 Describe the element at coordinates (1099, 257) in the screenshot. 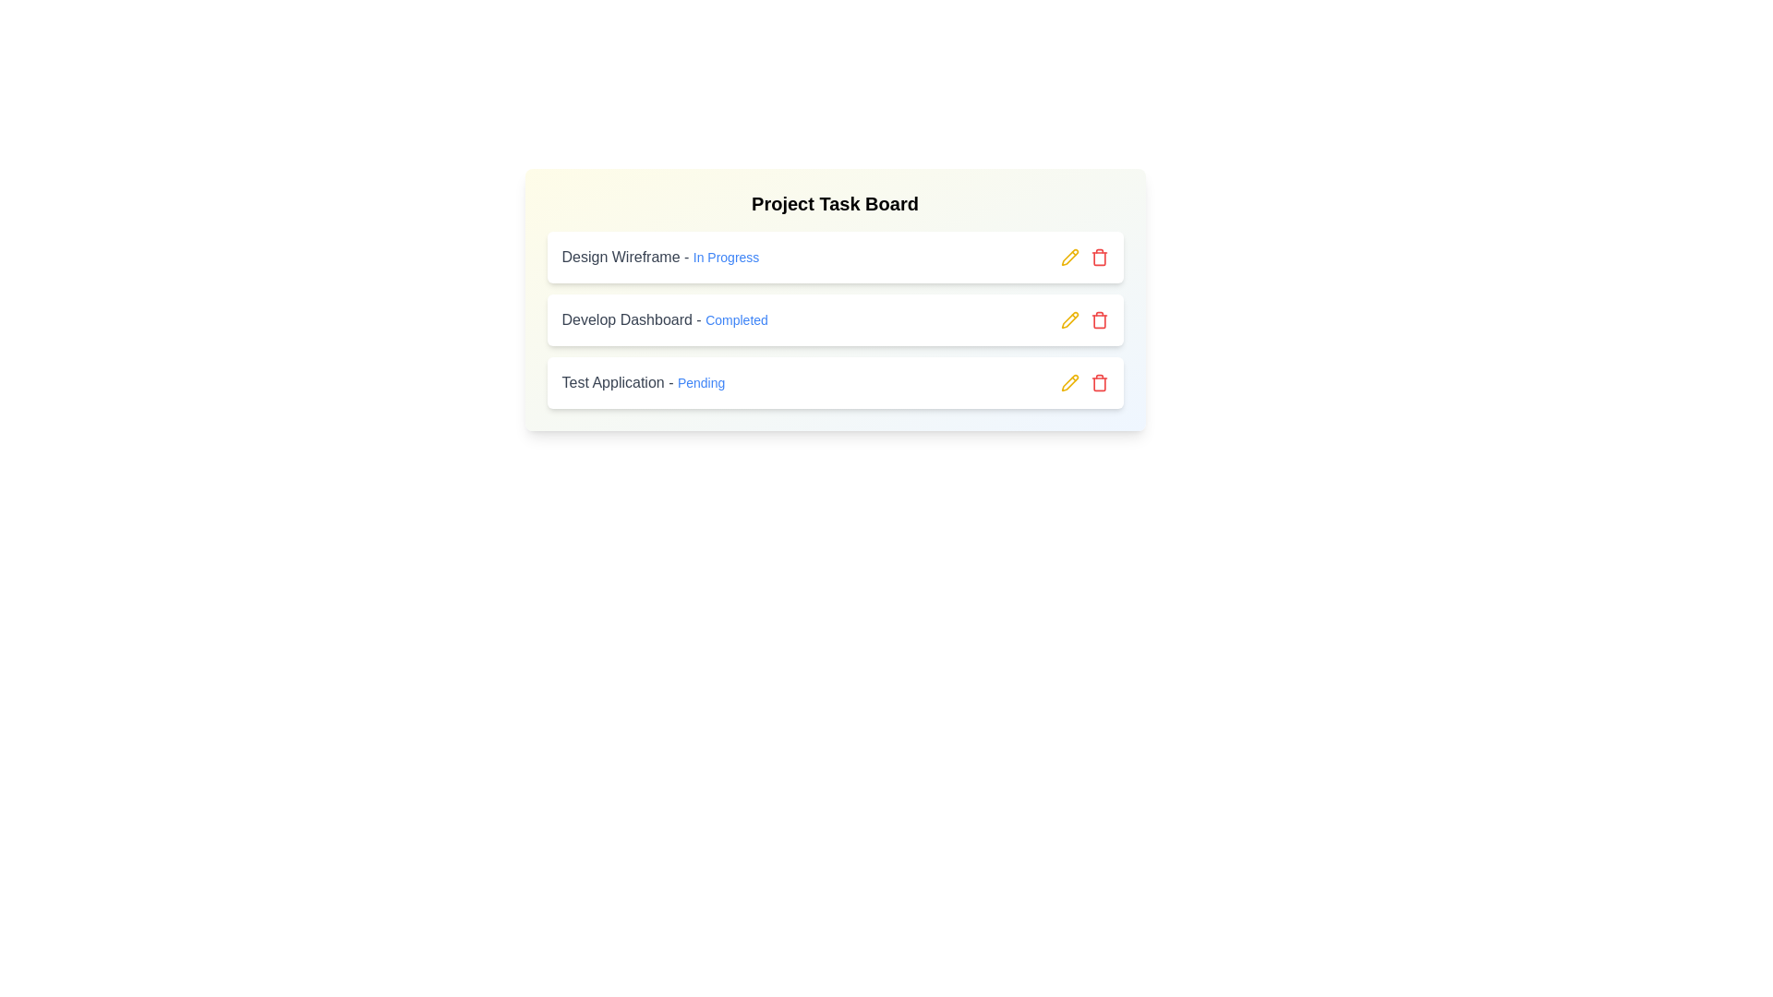

I see `the trash icon to delete the task Design Wireframe` at that location.